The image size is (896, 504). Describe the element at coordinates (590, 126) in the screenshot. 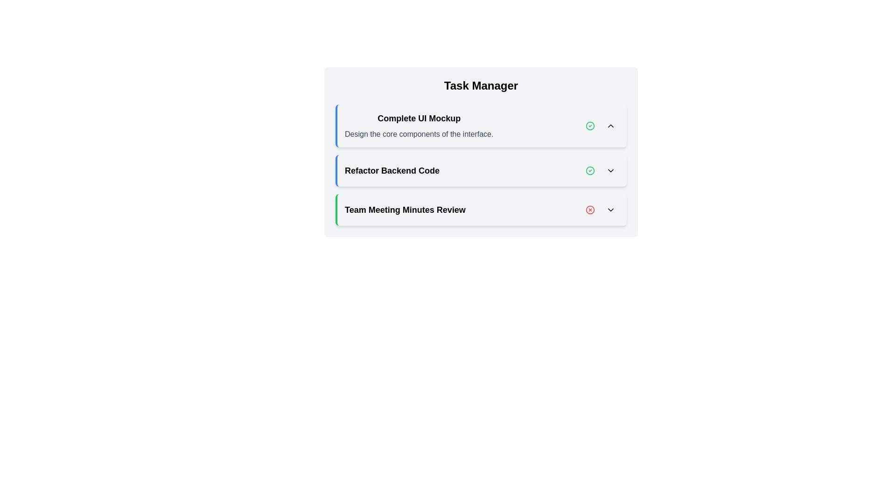

I see `the circular icon with a green outer border and a checkmark symbol` at that location.